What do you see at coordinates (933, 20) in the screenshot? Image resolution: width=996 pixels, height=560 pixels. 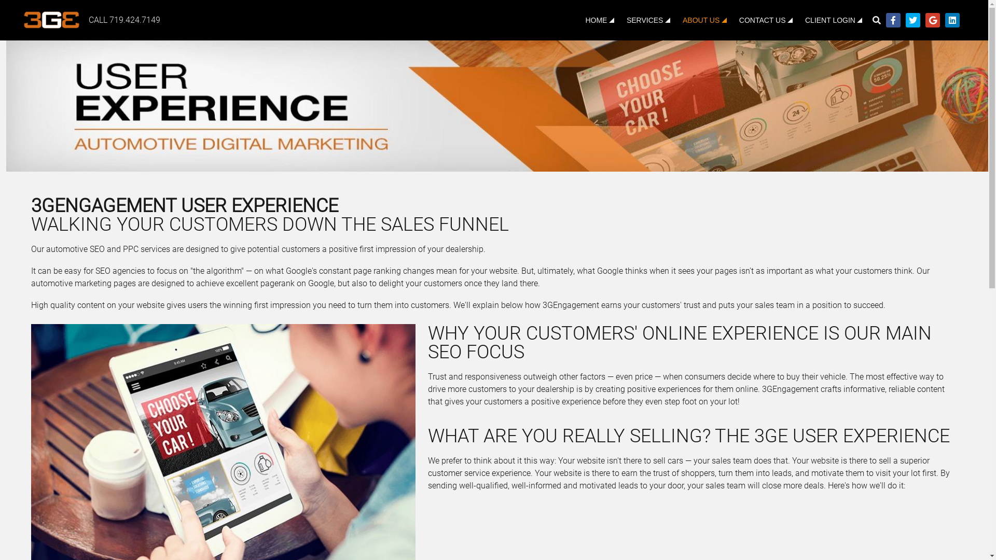 I see `'Google'` at bounding box center [933, 20].